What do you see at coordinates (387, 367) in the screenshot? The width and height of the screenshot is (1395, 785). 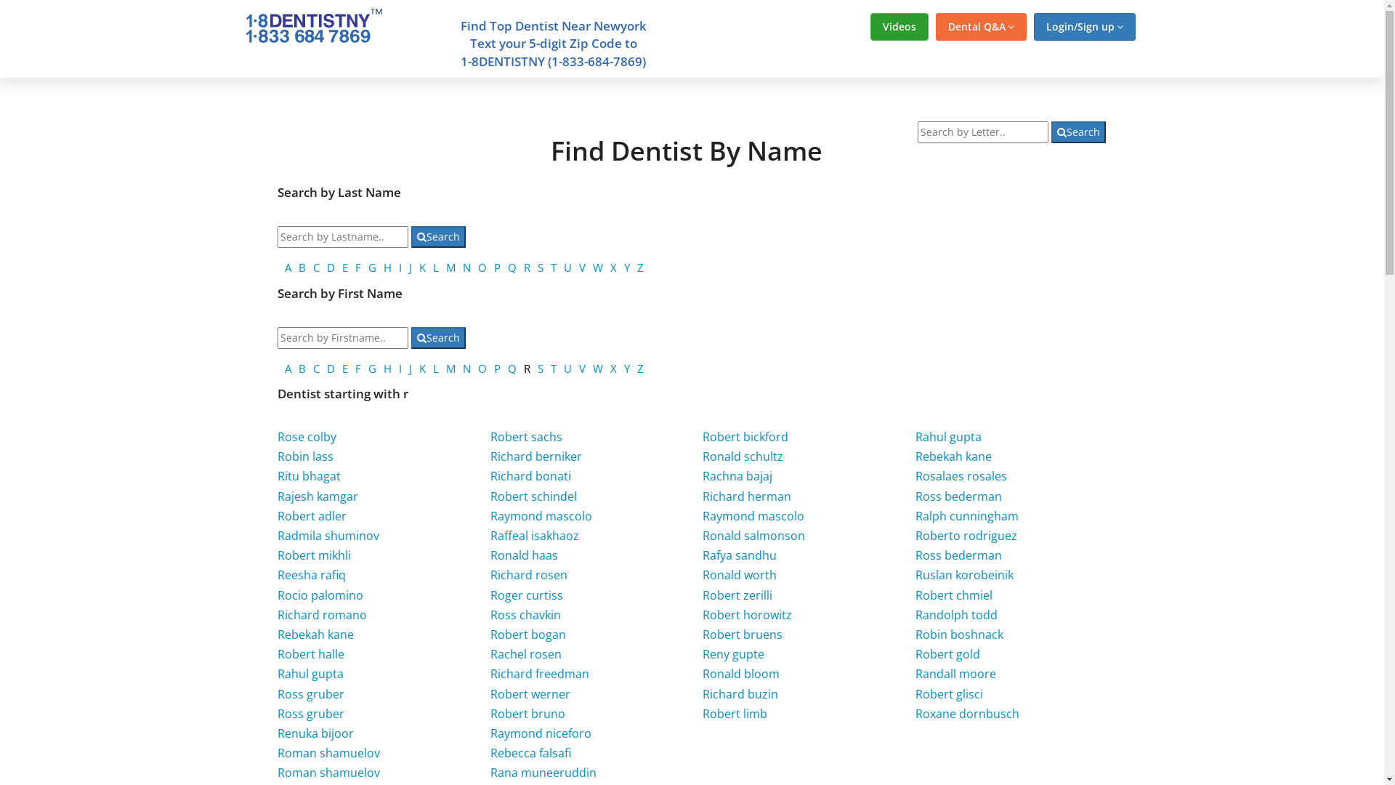 I see `'H'` at bounding box center [387, 367].